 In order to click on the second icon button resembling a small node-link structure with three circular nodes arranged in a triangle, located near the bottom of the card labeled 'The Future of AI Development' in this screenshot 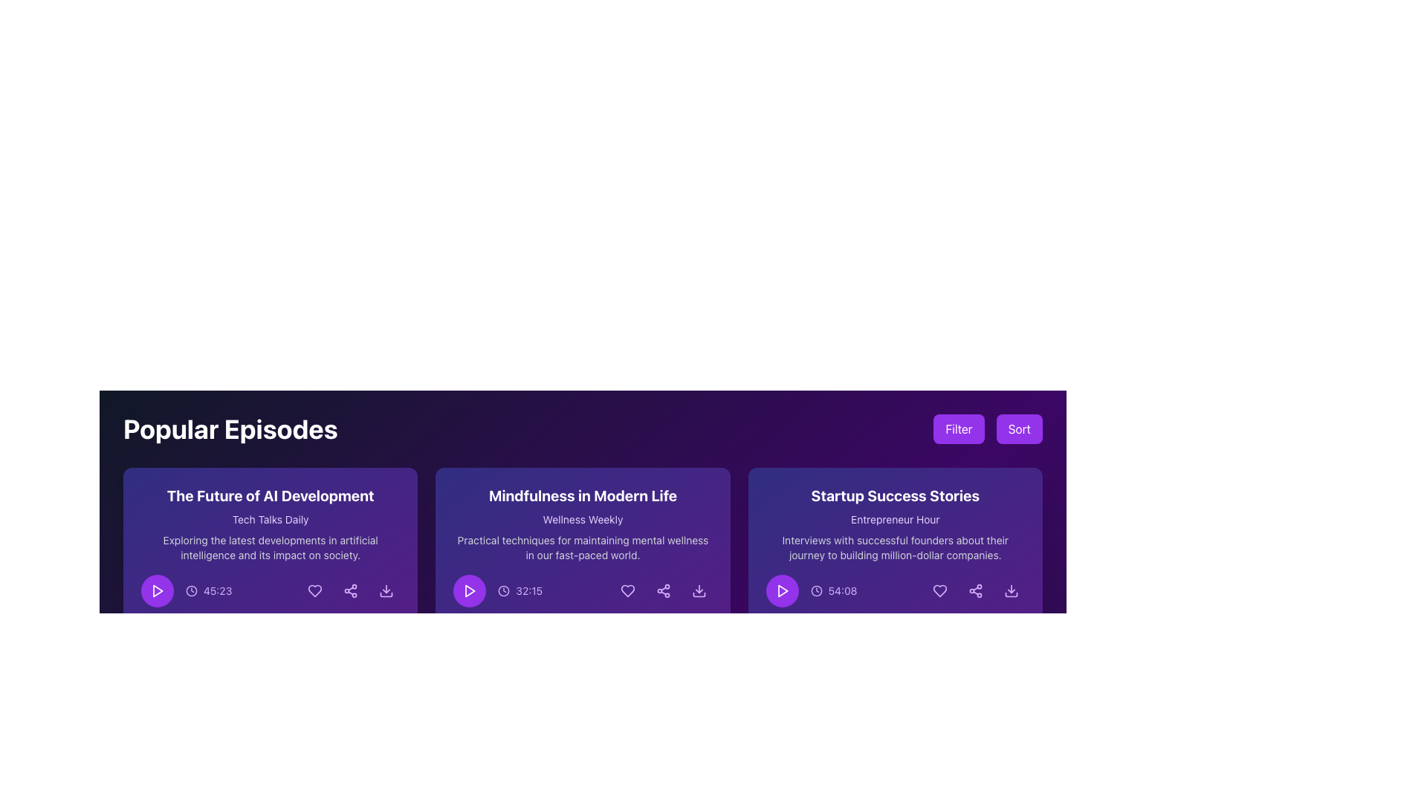, I will do `click(350, 590)`.